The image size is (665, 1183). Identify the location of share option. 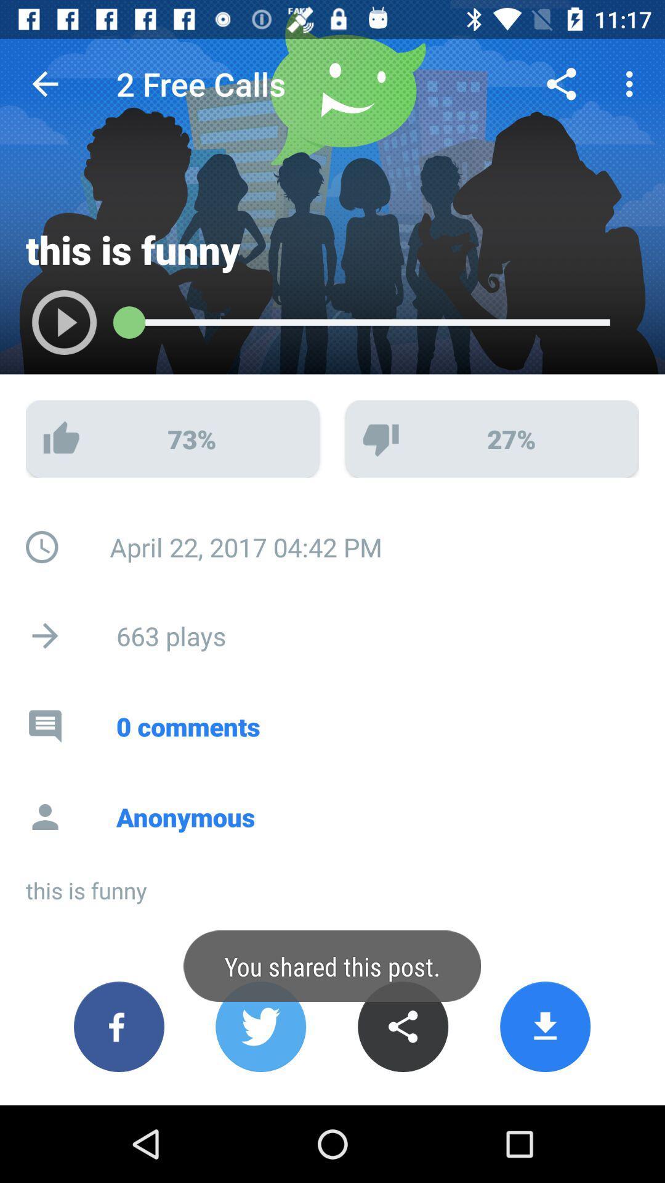
(403, 1026).